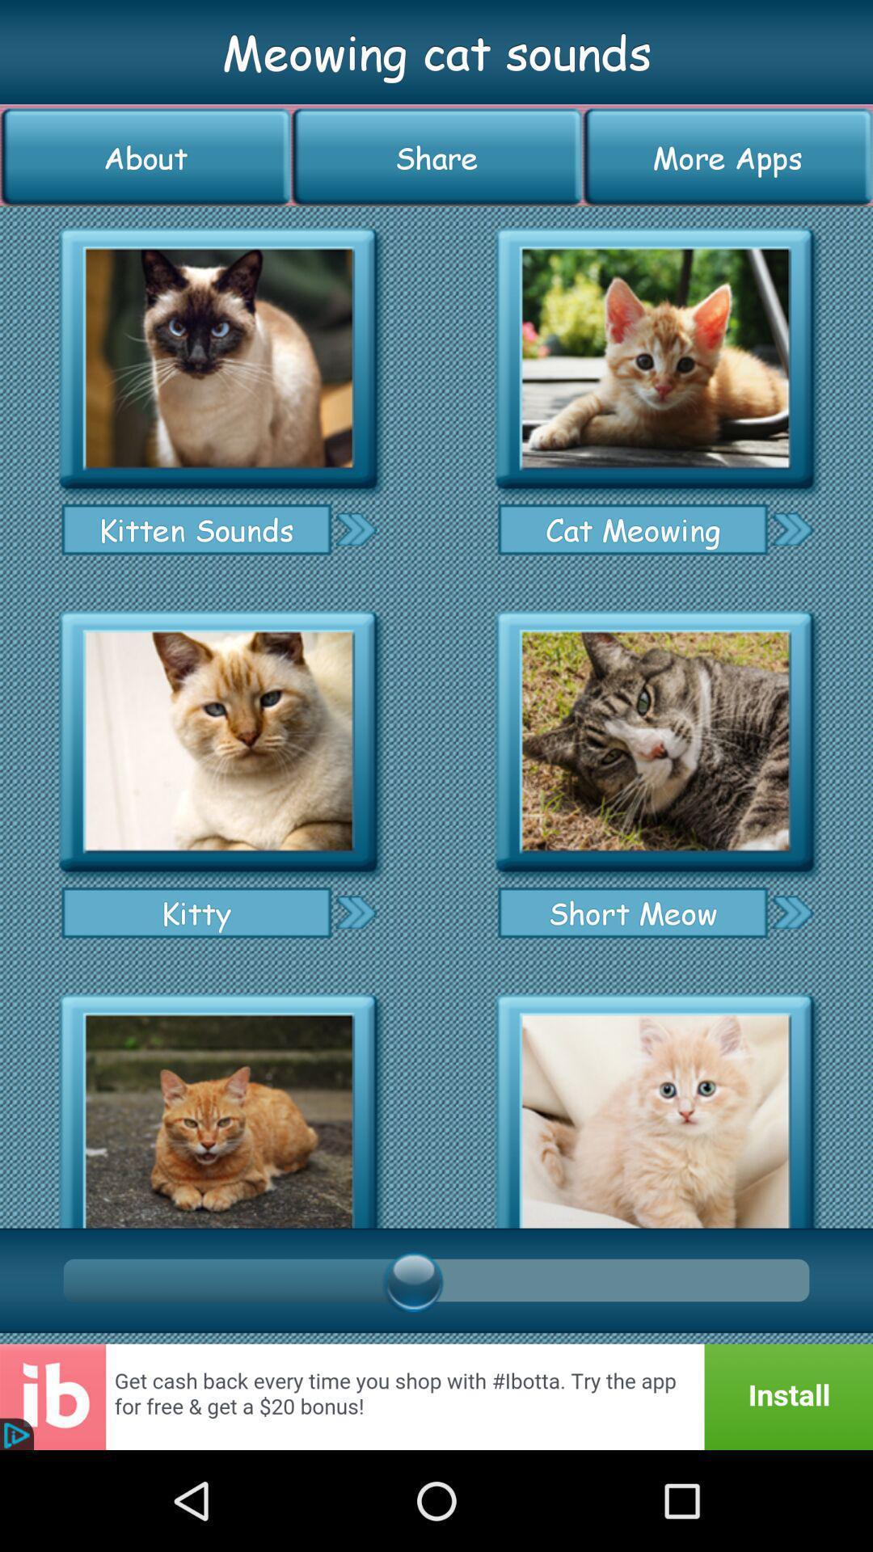 This screenshot has width=873, height=1552. What do you see at coordinates (655, 358) in the screenshot?
I see `share the article` at bounding box center [655, 358].